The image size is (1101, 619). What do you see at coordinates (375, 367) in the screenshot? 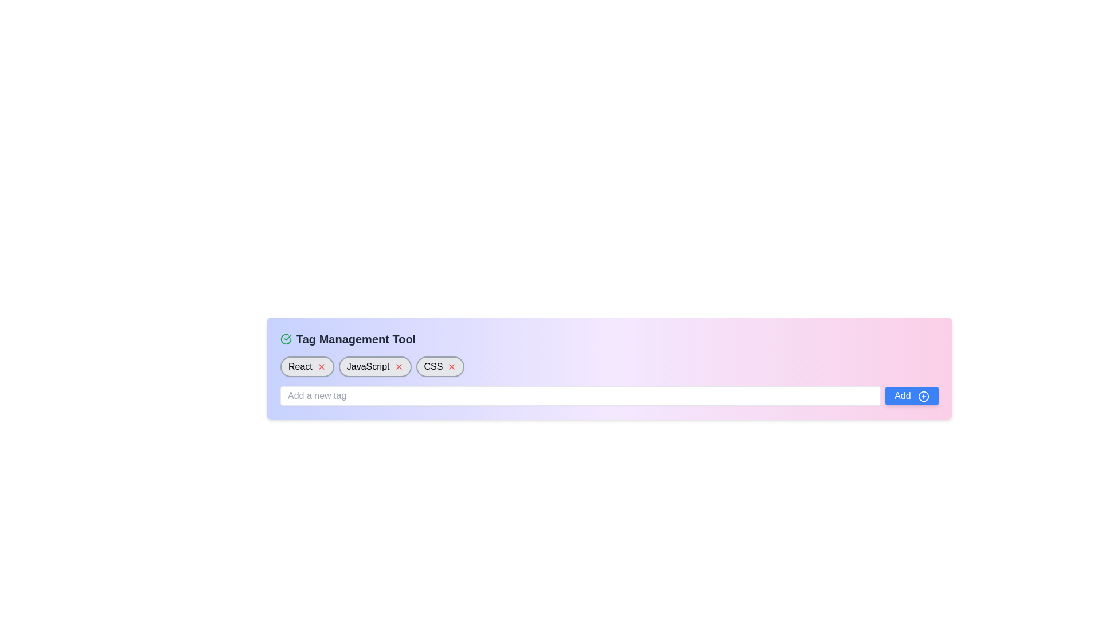
I see `the red 'x' icon on the removable tag labeled 'JavaScript'` at bounding box center [375, 367].